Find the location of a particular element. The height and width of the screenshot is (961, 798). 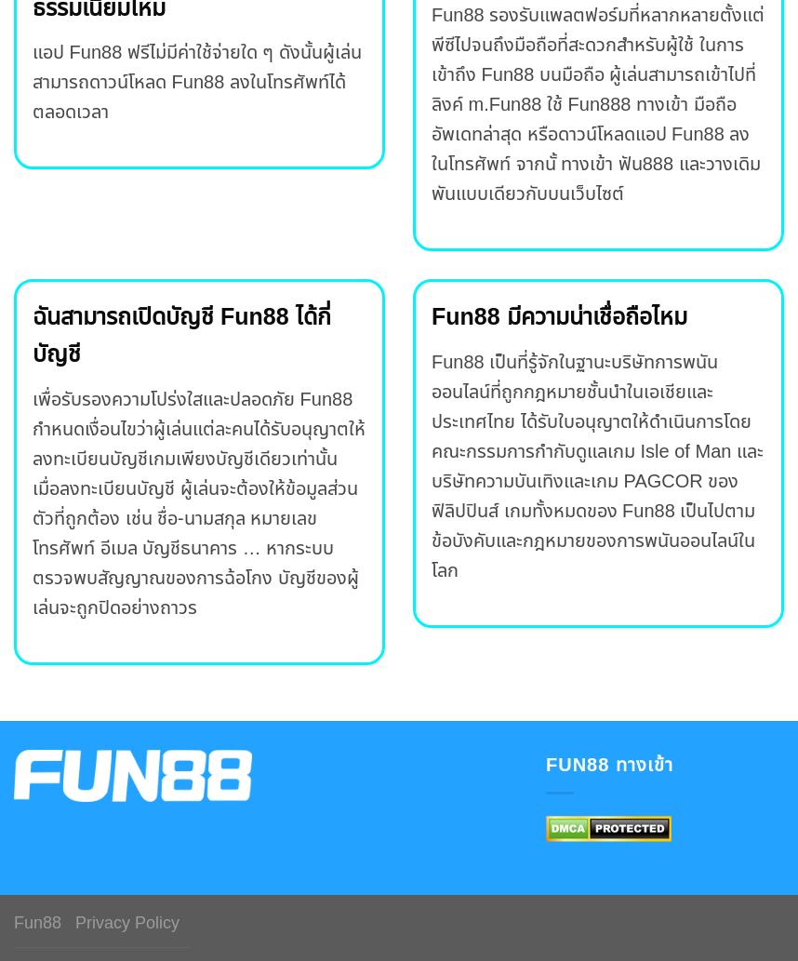

'Privacy Policy' is located at coordinates (73, 920).